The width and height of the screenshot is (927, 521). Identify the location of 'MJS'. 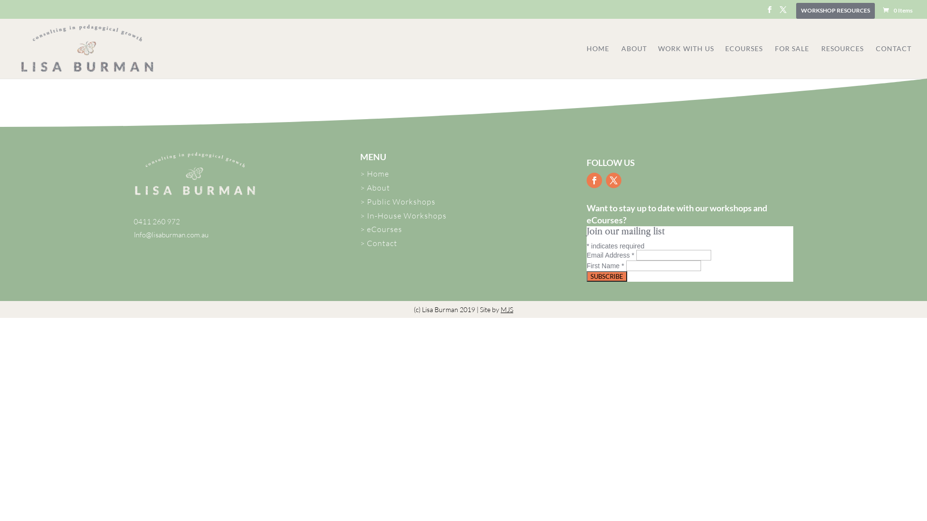
(506, 309).